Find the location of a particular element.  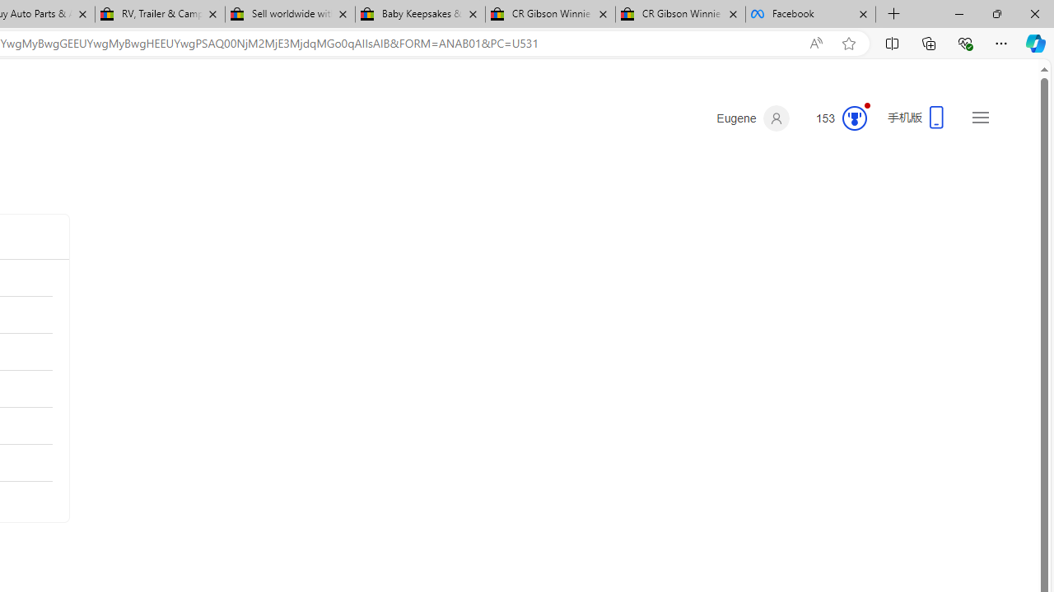

'New Tab' is located at coordinates (893, 14).